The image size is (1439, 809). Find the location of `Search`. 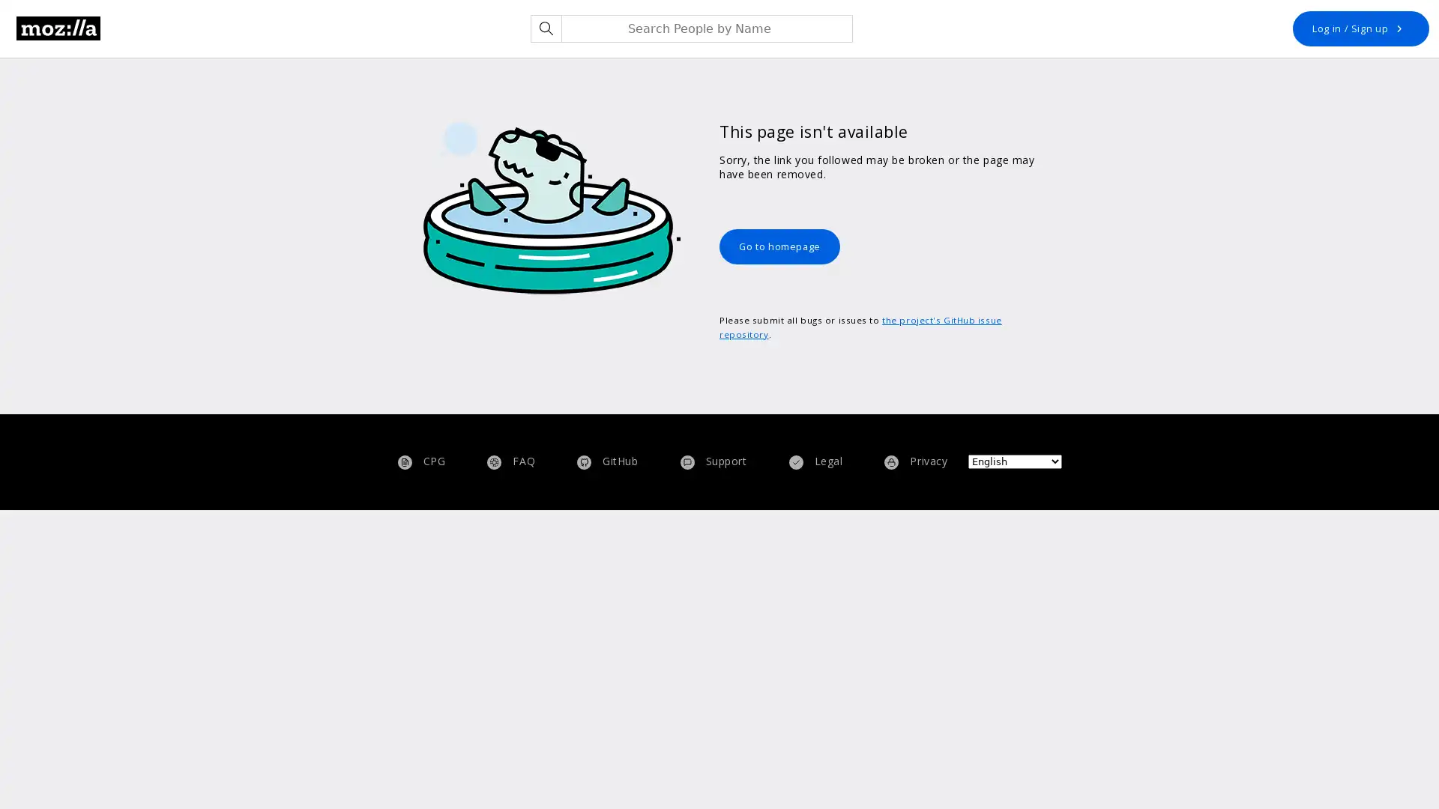

Search is located at coordinates (546, 28).